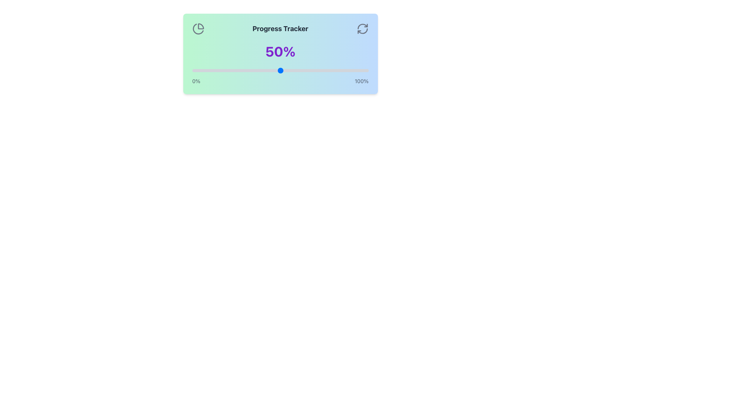 This screenshot has width=730, height=410. What do you see at coordinates (328, 70) in the screenshot?
I see `the progress tracker value` at bounding box center [328, 70].